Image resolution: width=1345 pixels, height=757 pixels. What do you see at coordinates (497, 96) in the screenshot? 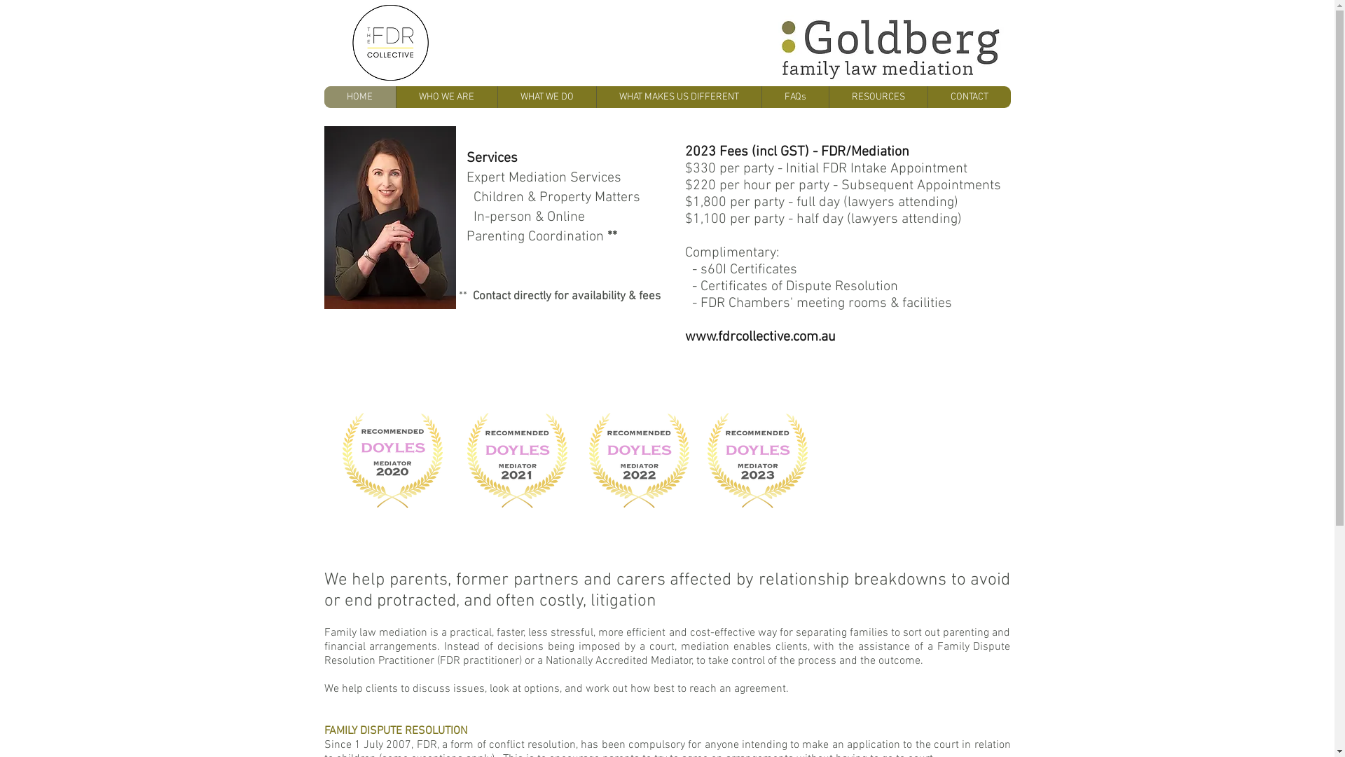
I see `'WHAT WE DO'` at bounding box center [497, 96].